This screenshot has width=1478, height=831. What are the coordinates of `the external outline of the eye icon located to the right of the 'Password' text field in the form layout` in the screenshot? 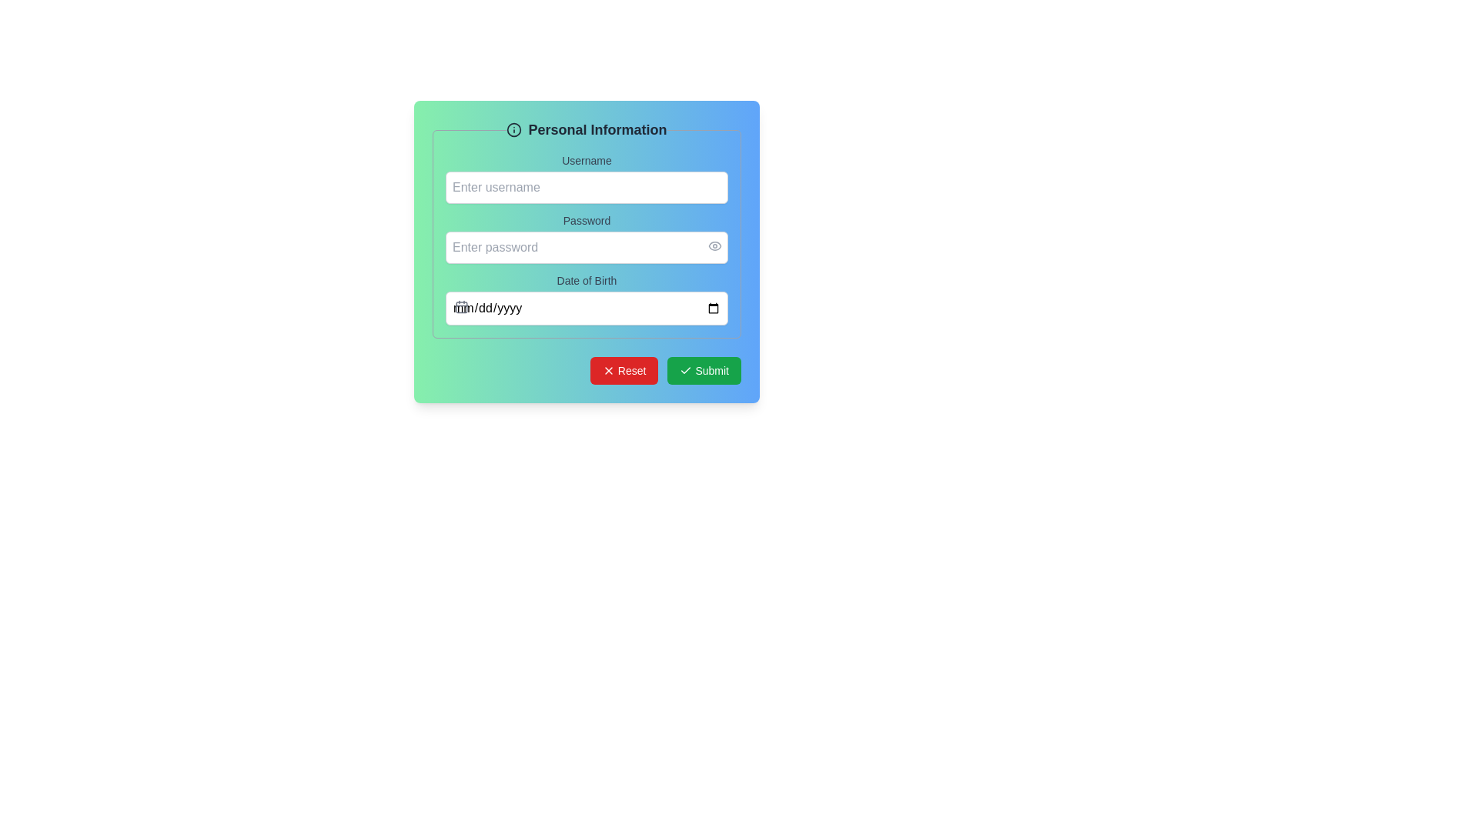 It's located at (714, 245).